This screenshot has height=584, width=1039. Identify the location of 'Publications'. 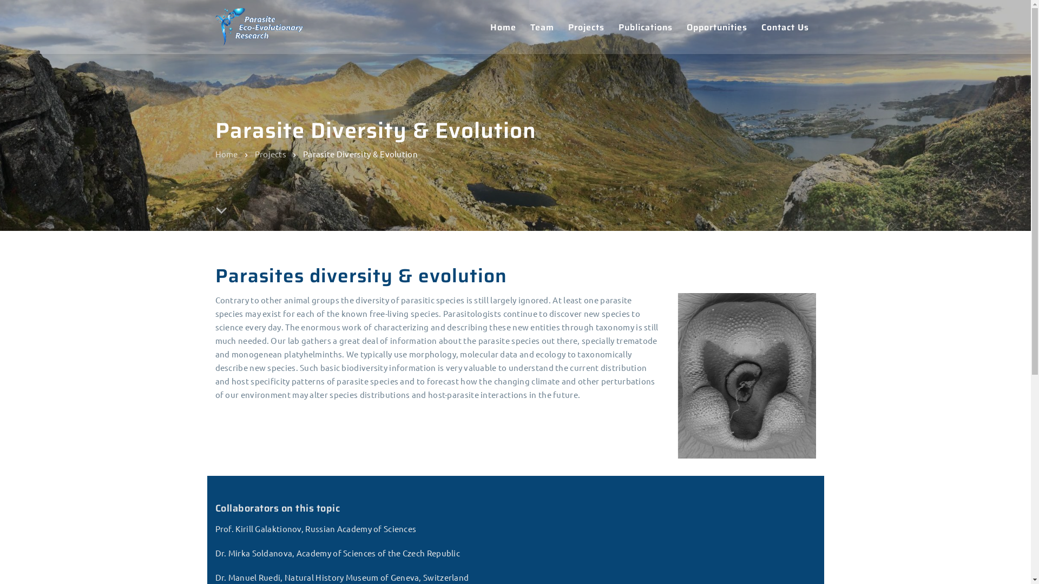
(454, 465).